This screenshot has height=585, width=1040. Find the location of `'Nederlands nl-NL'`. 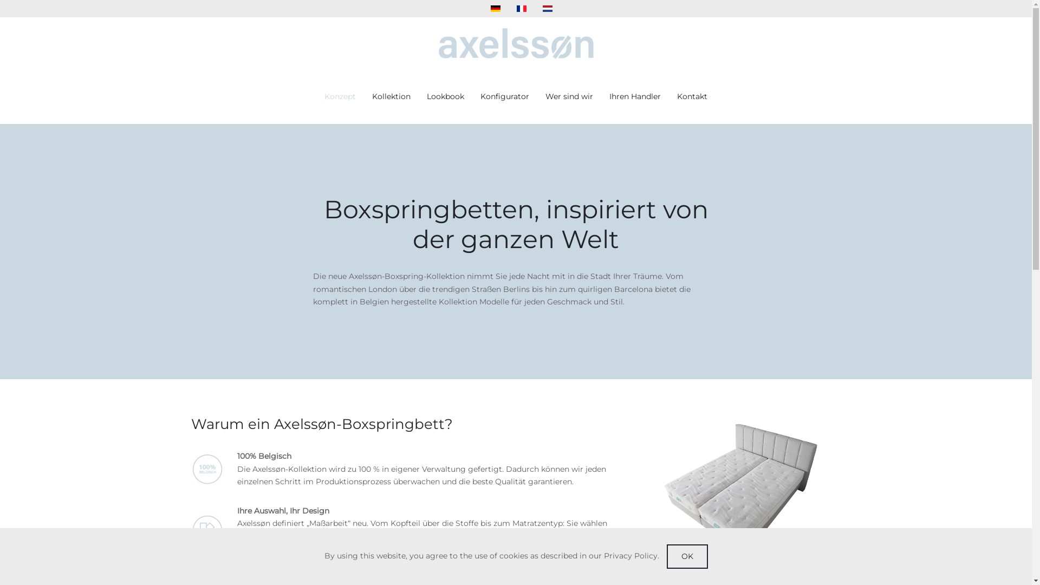

'Nederlands nl-NL' is located at coordinates (548, 8).